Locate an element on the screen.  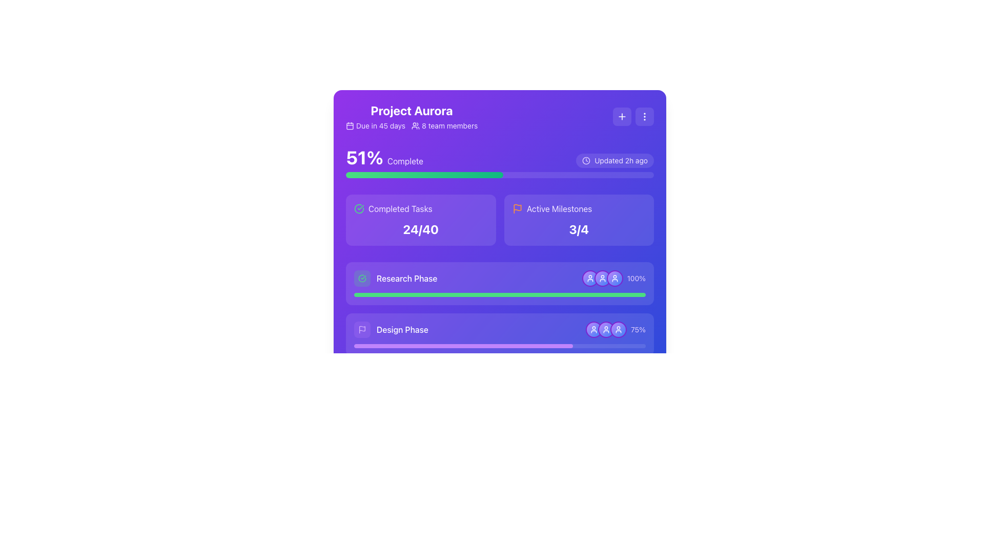
the user avatar icon representing a team member in the Design Phase progress bar, located in the lower right section of the card, to the right of the 75% progress text is located at coordinates (618, 330).